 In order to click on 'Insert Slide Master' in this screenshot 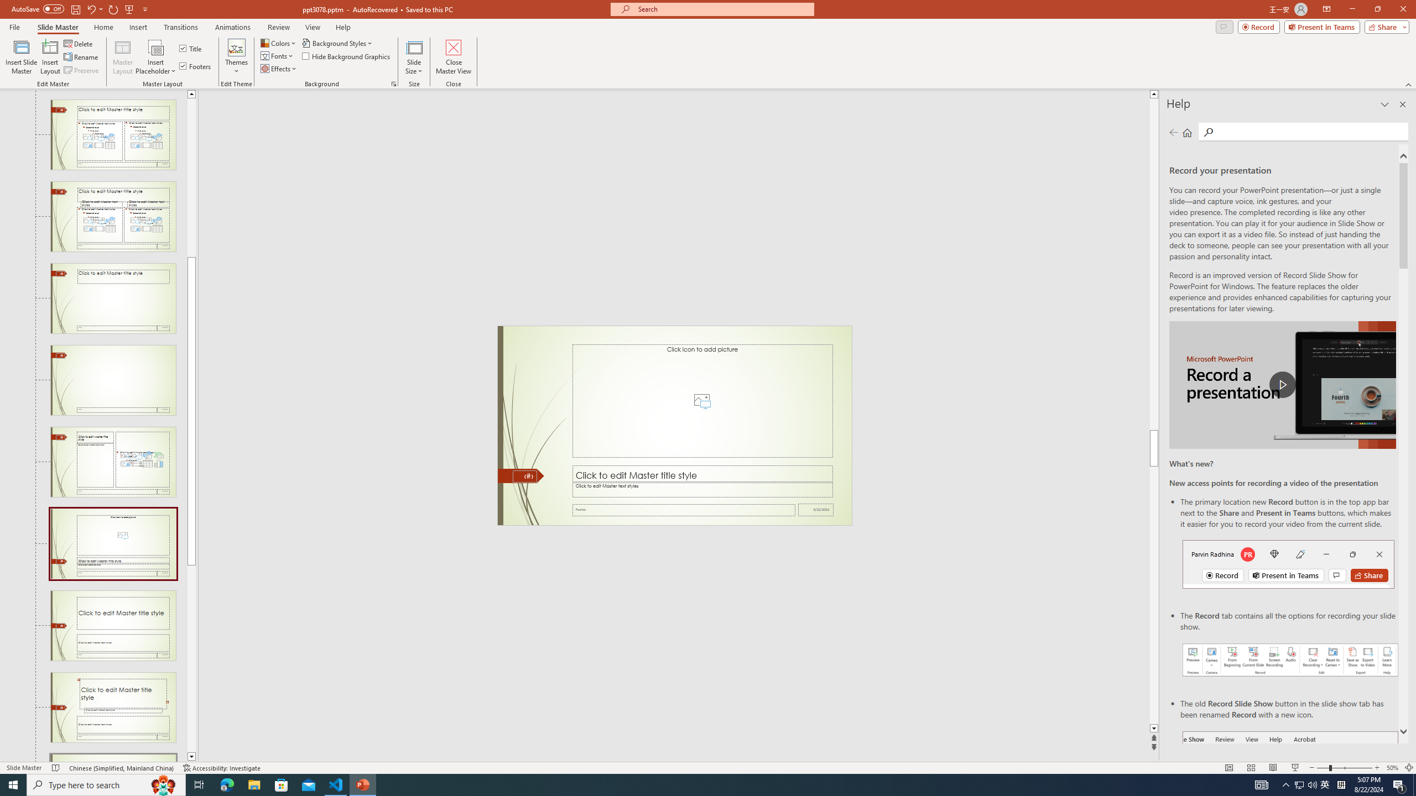, I will do `click(20, 57)`.